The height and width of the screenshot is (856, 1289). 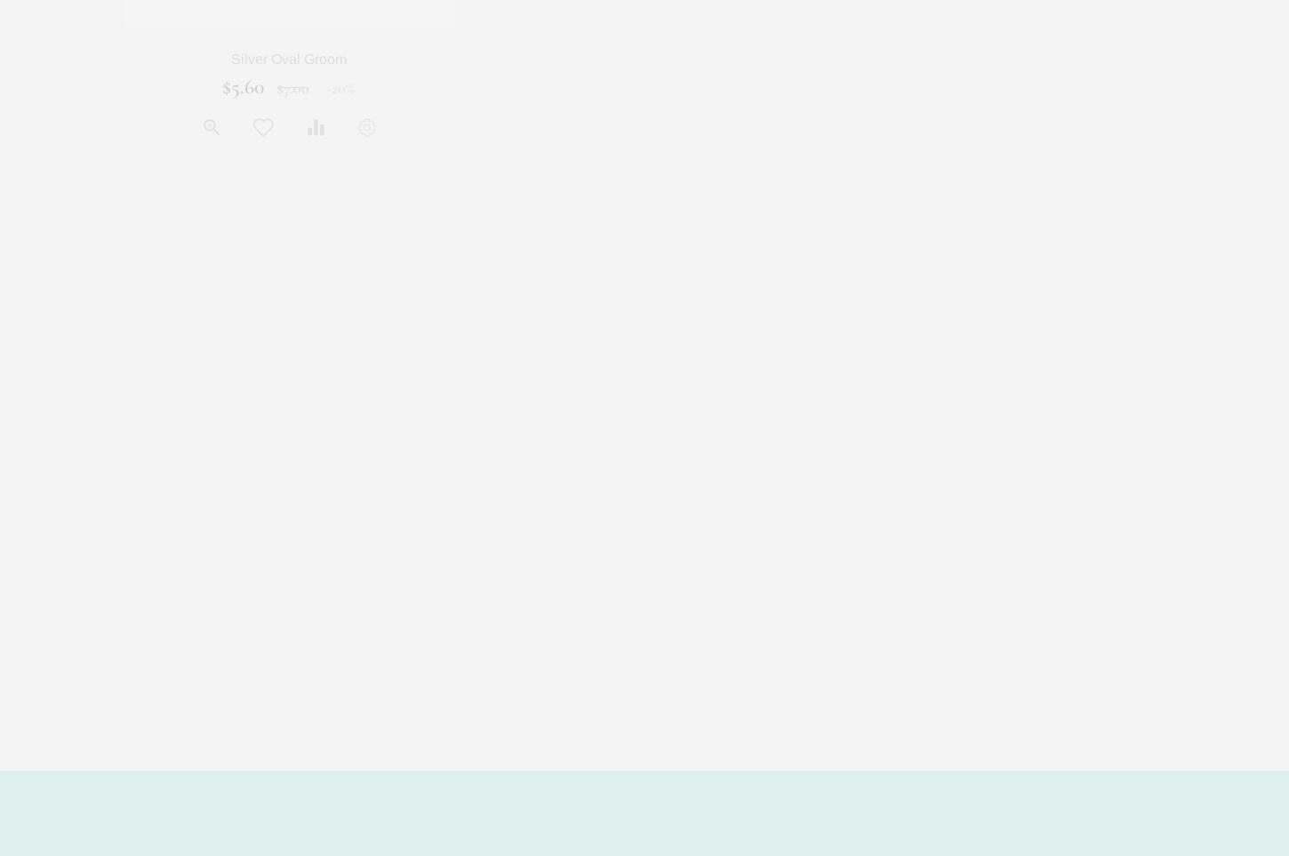 I want to click on '$200.00', so click(x=204, y=663).